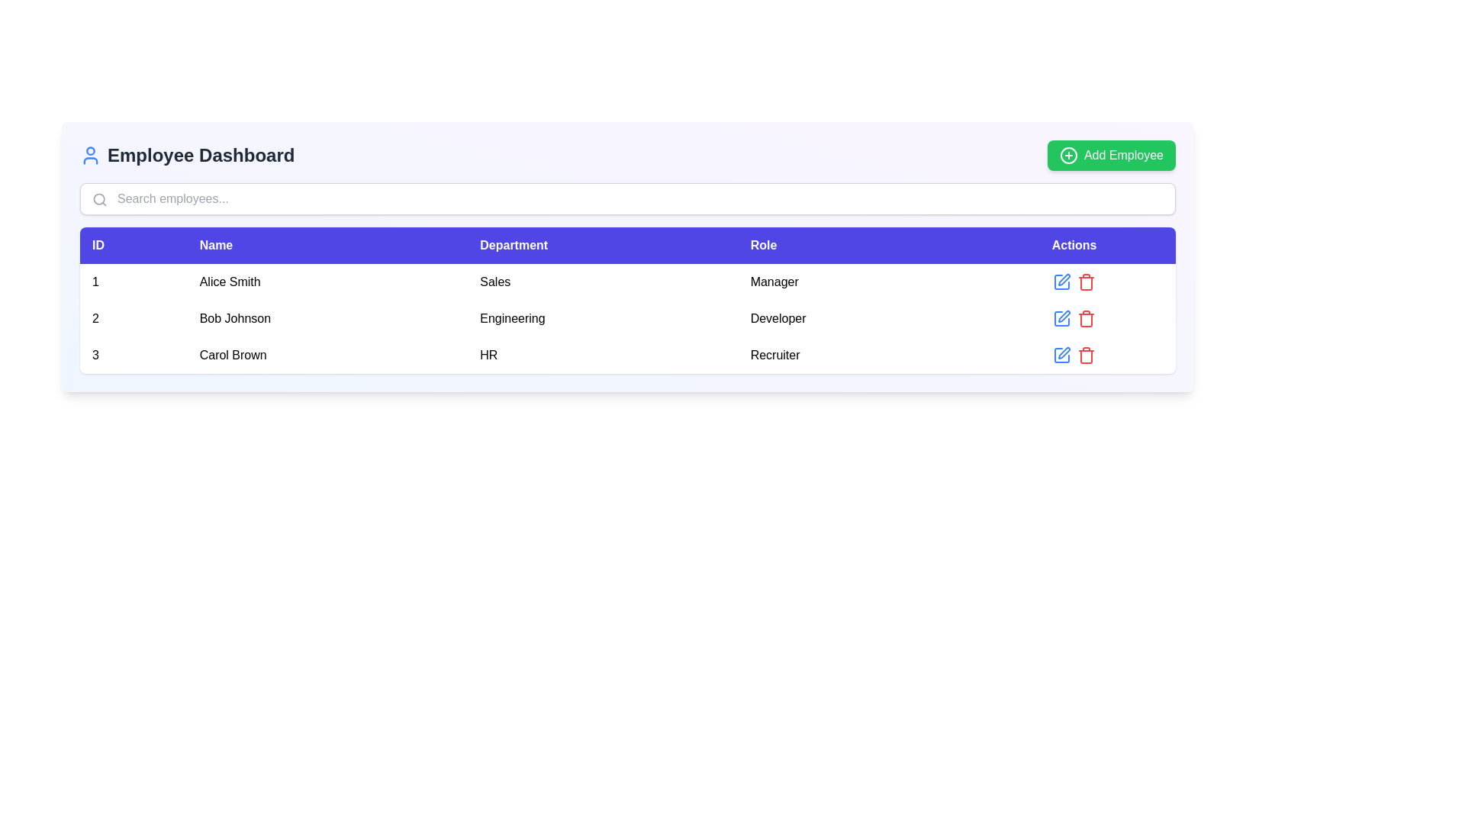  Describe the element at coordinates (1074, 244) in the screenshot. I see `the Table Header Cell labeled 'Actions', which is the rightmost cell in the header row of the data table, featuring a blue background and white text` at that location.